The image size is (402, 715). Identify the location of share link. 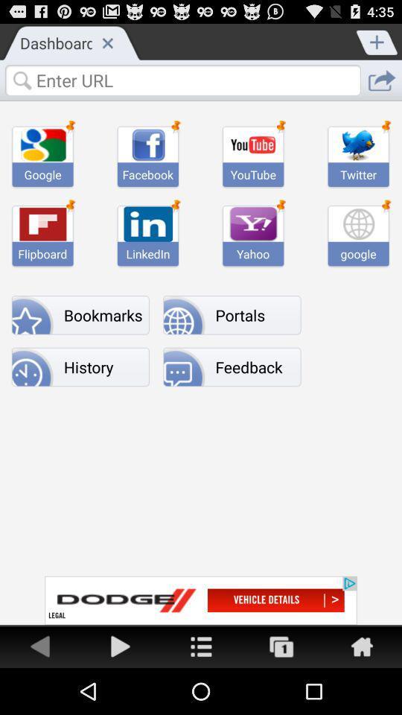
(201, 645).